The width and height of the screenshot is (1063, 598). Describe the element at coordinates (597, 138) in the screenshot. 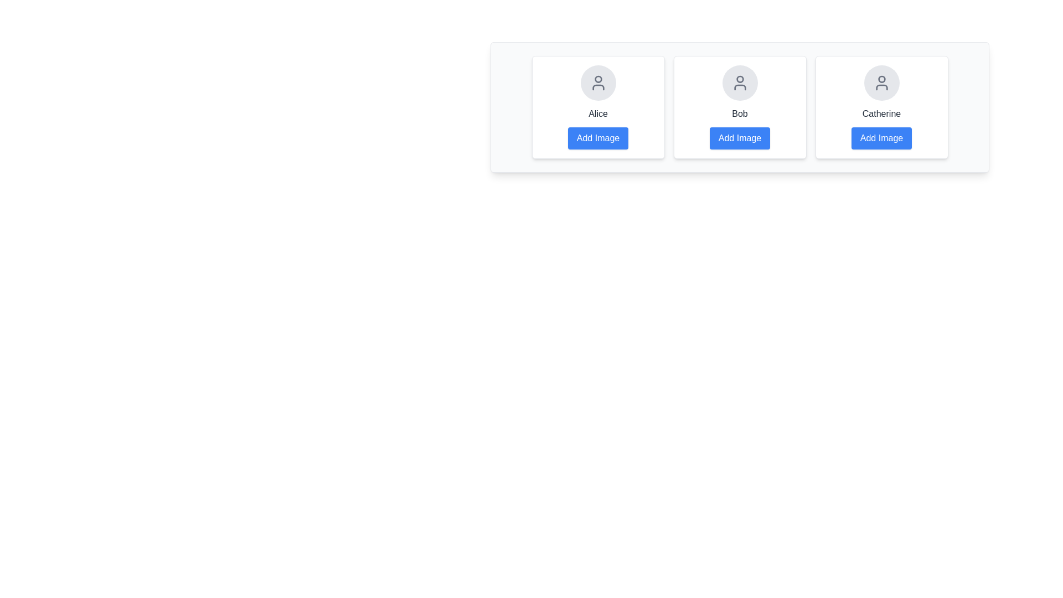

I see `'Add Image' button for Alice` at that location.